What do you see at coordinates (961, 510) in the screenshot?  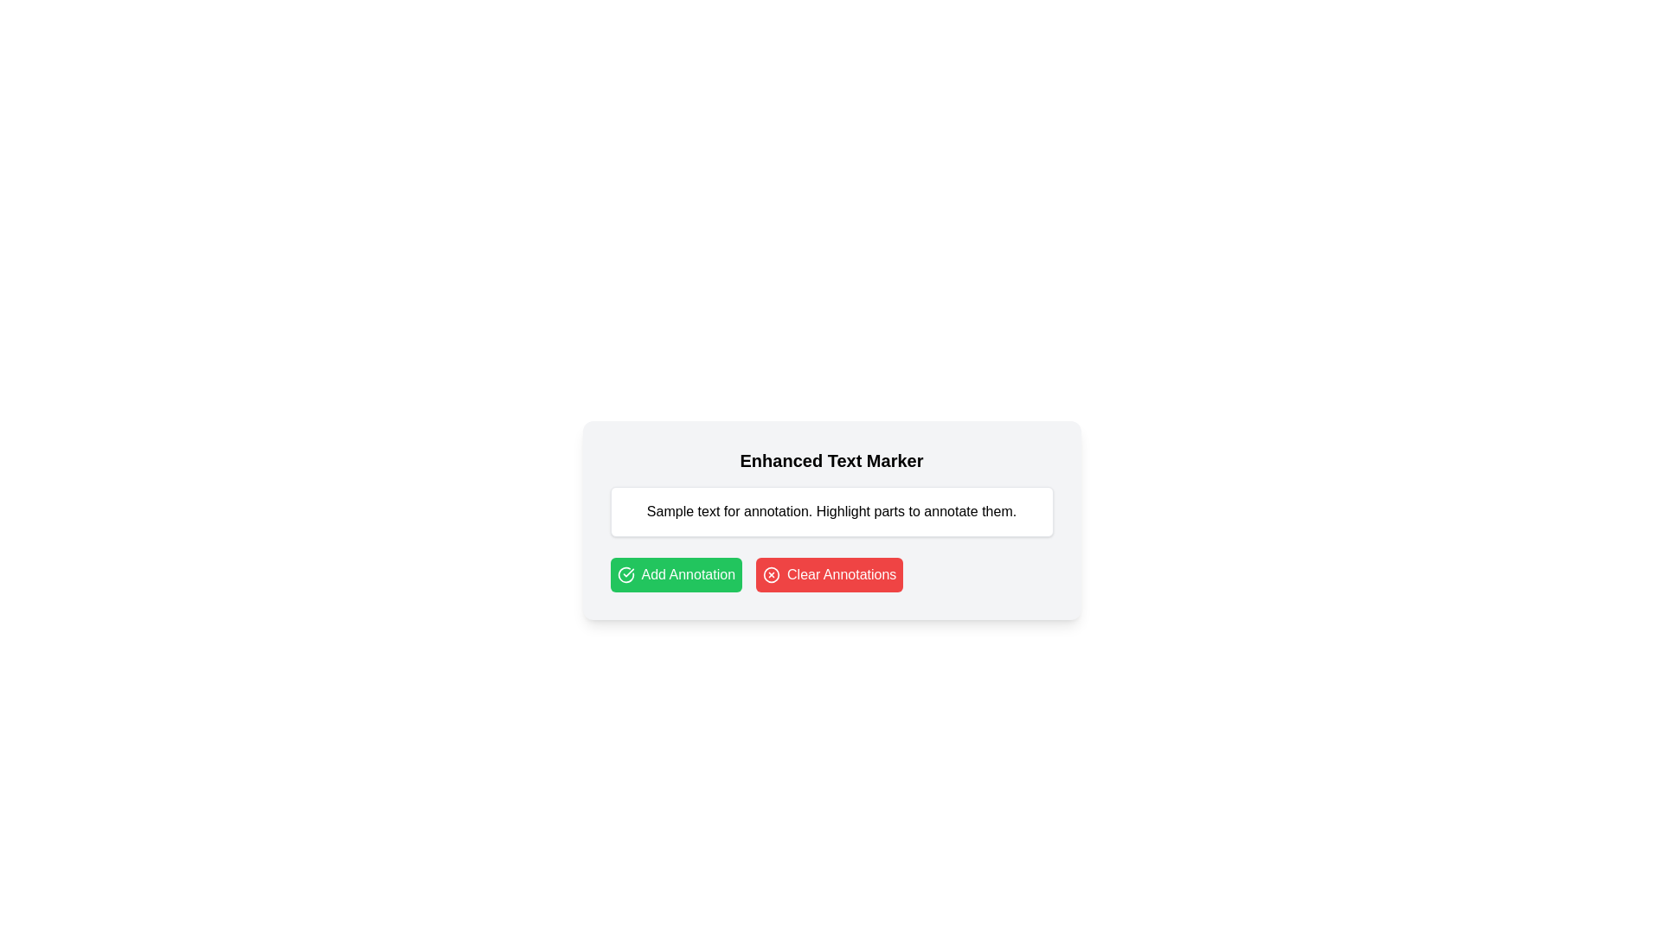 I see `letter 'a' in the word 'annotate' for text extraction, which is part of the text 'Sample text for annotation. Highlight parts to annotate them.'` at bounding box center [961, 510].